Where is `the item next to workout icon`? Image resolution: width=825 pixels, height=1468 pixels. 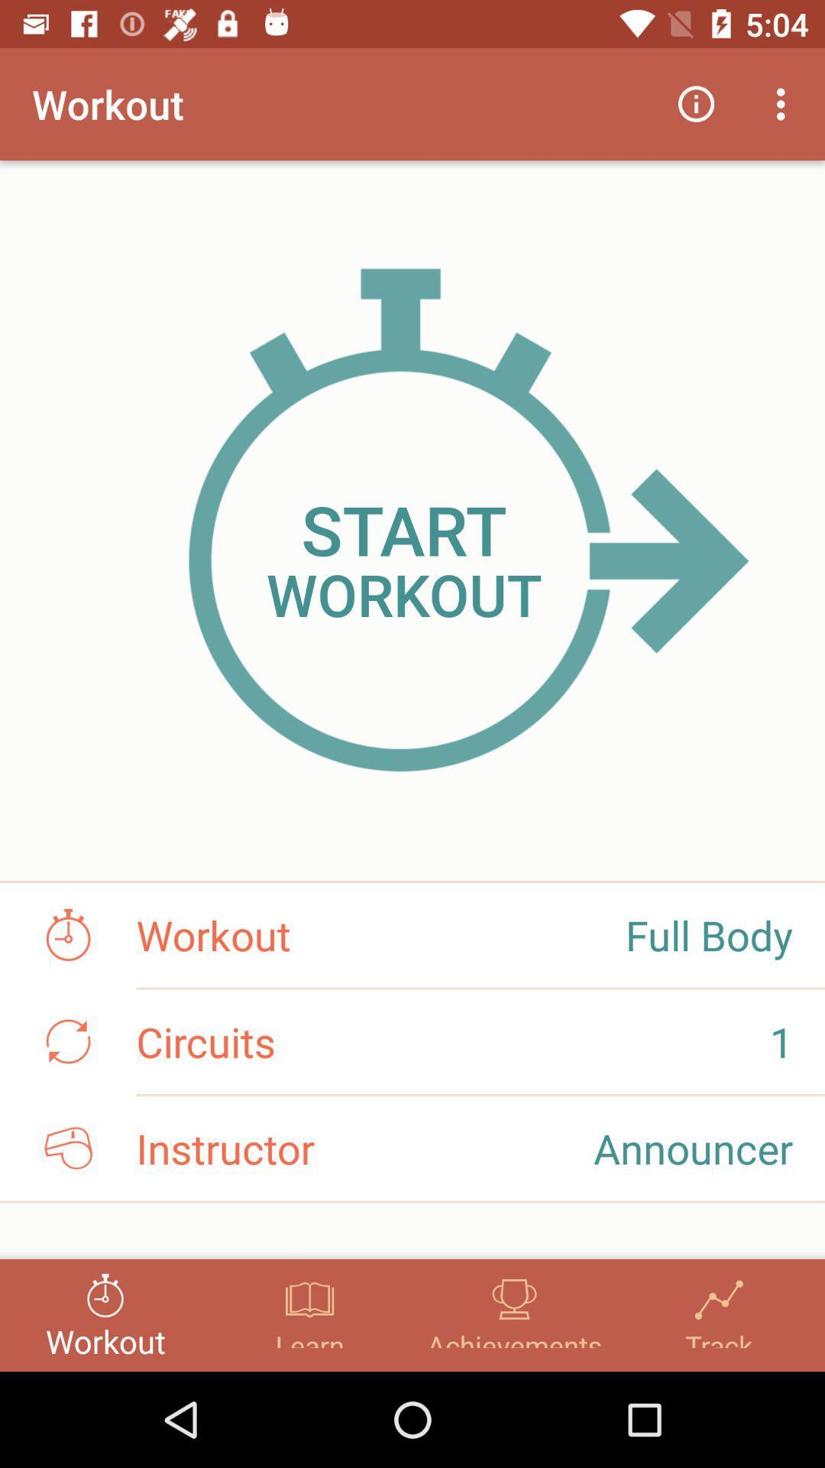 the item next to workout icon is located at coordinates (696, 103).